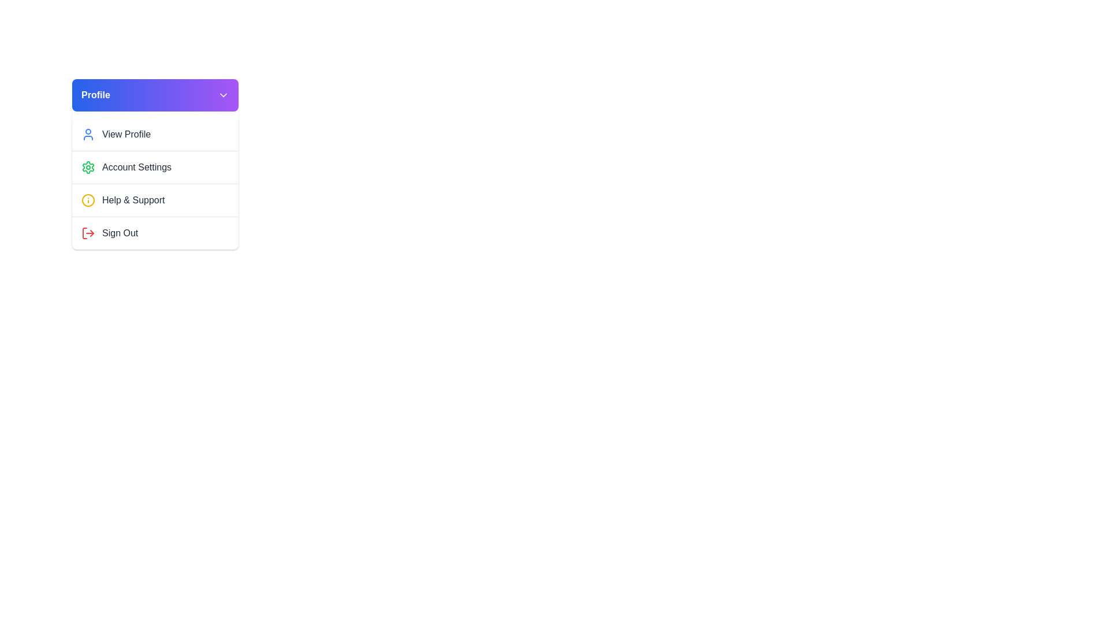 The image size is (1109, 624). What do you see at coordinates (154, 199) in the screenshot?
I see `the help and support button located as the third row in the dropdown menu beneath 'Account Settings' and above 'Sign Out'` at bounding box center [154, 199].